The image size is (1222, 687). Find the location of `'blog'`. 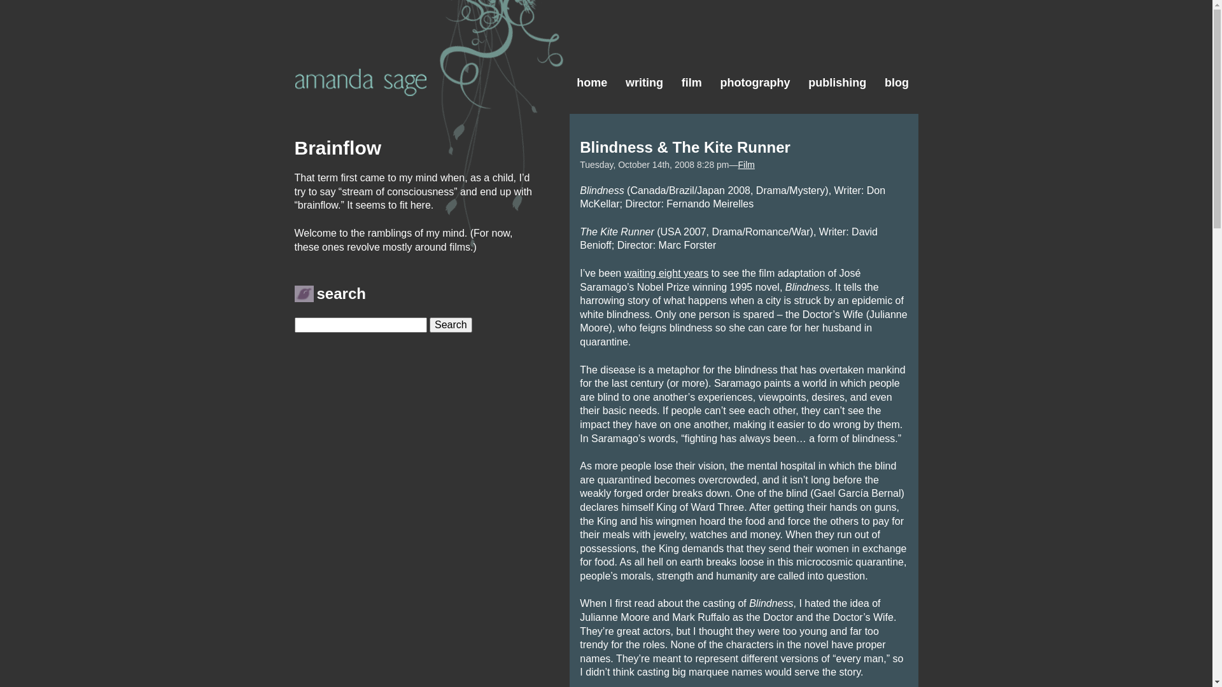

'blog' is located at coordinates (875, 51).